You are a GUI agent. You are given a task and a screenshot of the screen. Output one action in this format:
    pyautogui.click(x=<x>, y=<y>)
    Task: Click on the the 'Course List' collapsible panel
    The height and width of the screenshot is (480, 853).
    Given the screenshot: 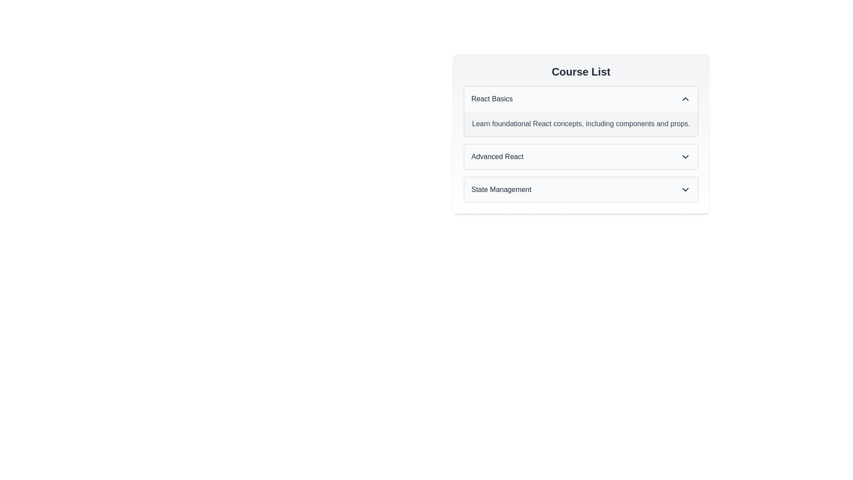 What is the action you would take?
    pyautogui.click(x=581, y=133)
    